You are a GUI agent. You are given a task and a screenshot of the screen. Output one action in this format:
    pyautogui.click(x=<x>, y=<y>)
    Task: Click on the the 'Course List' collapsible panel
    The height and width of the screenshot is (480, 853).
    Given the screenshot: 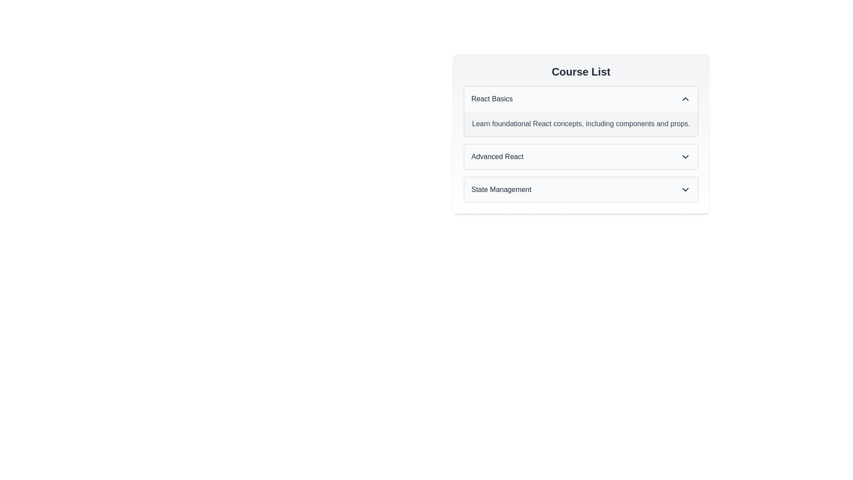 What is the action you would take?
    pyautogui.click(x=581, y=133)
    